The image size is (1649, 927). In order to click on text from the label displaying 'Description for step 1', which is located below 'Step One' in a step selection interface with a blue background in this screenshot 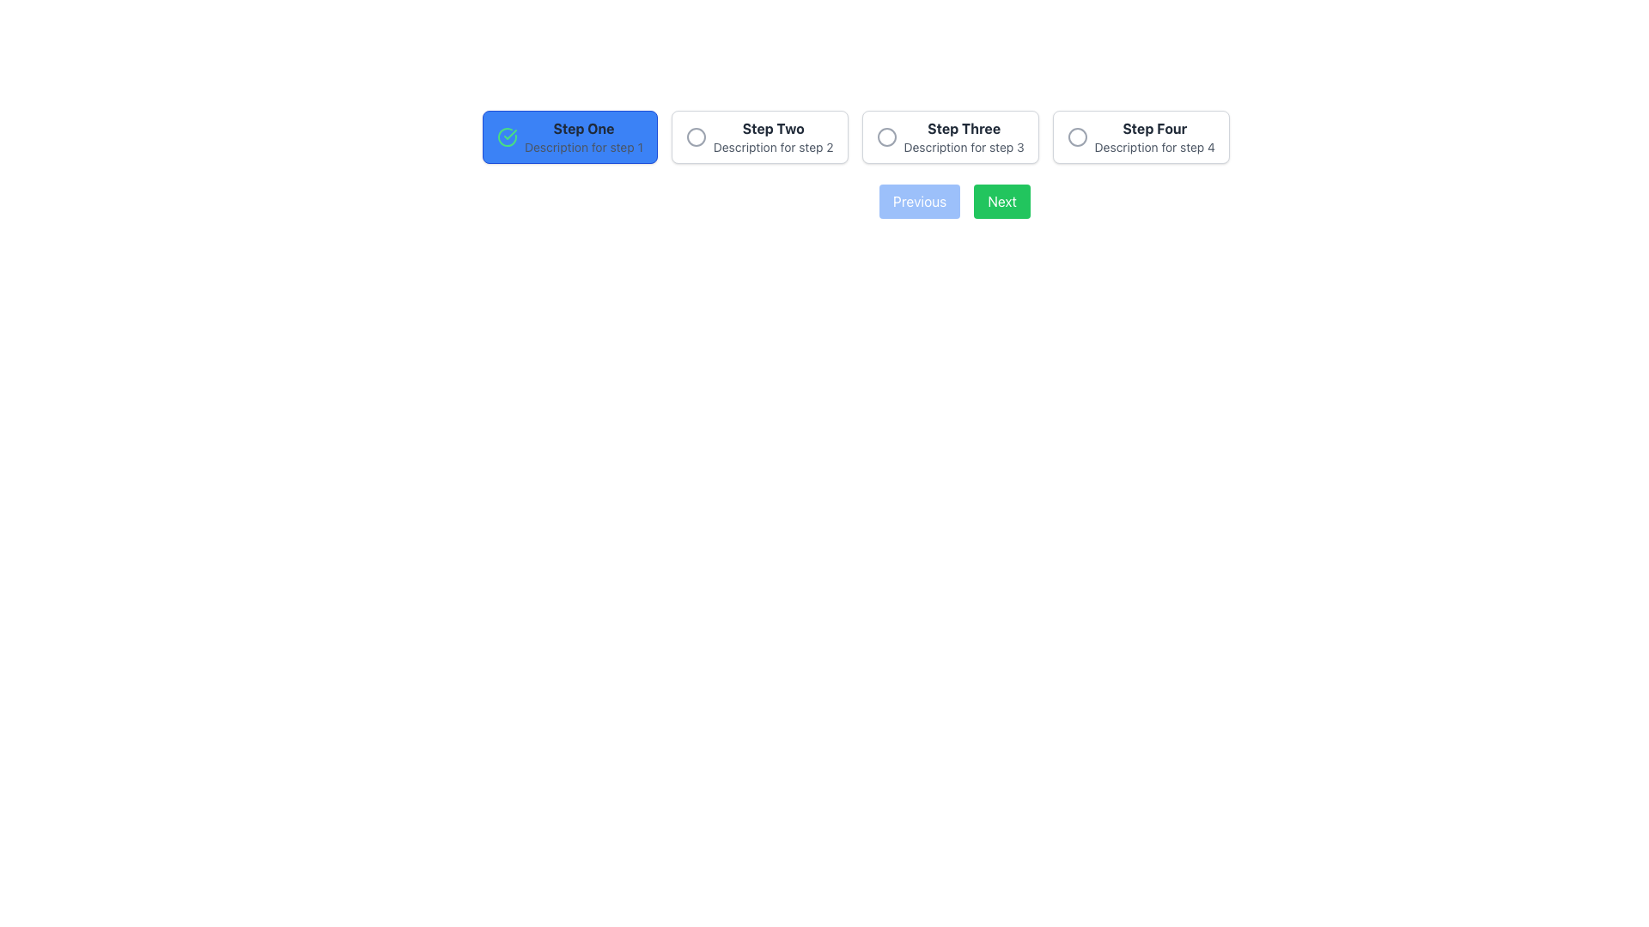, I will do `click(583, 147)`.